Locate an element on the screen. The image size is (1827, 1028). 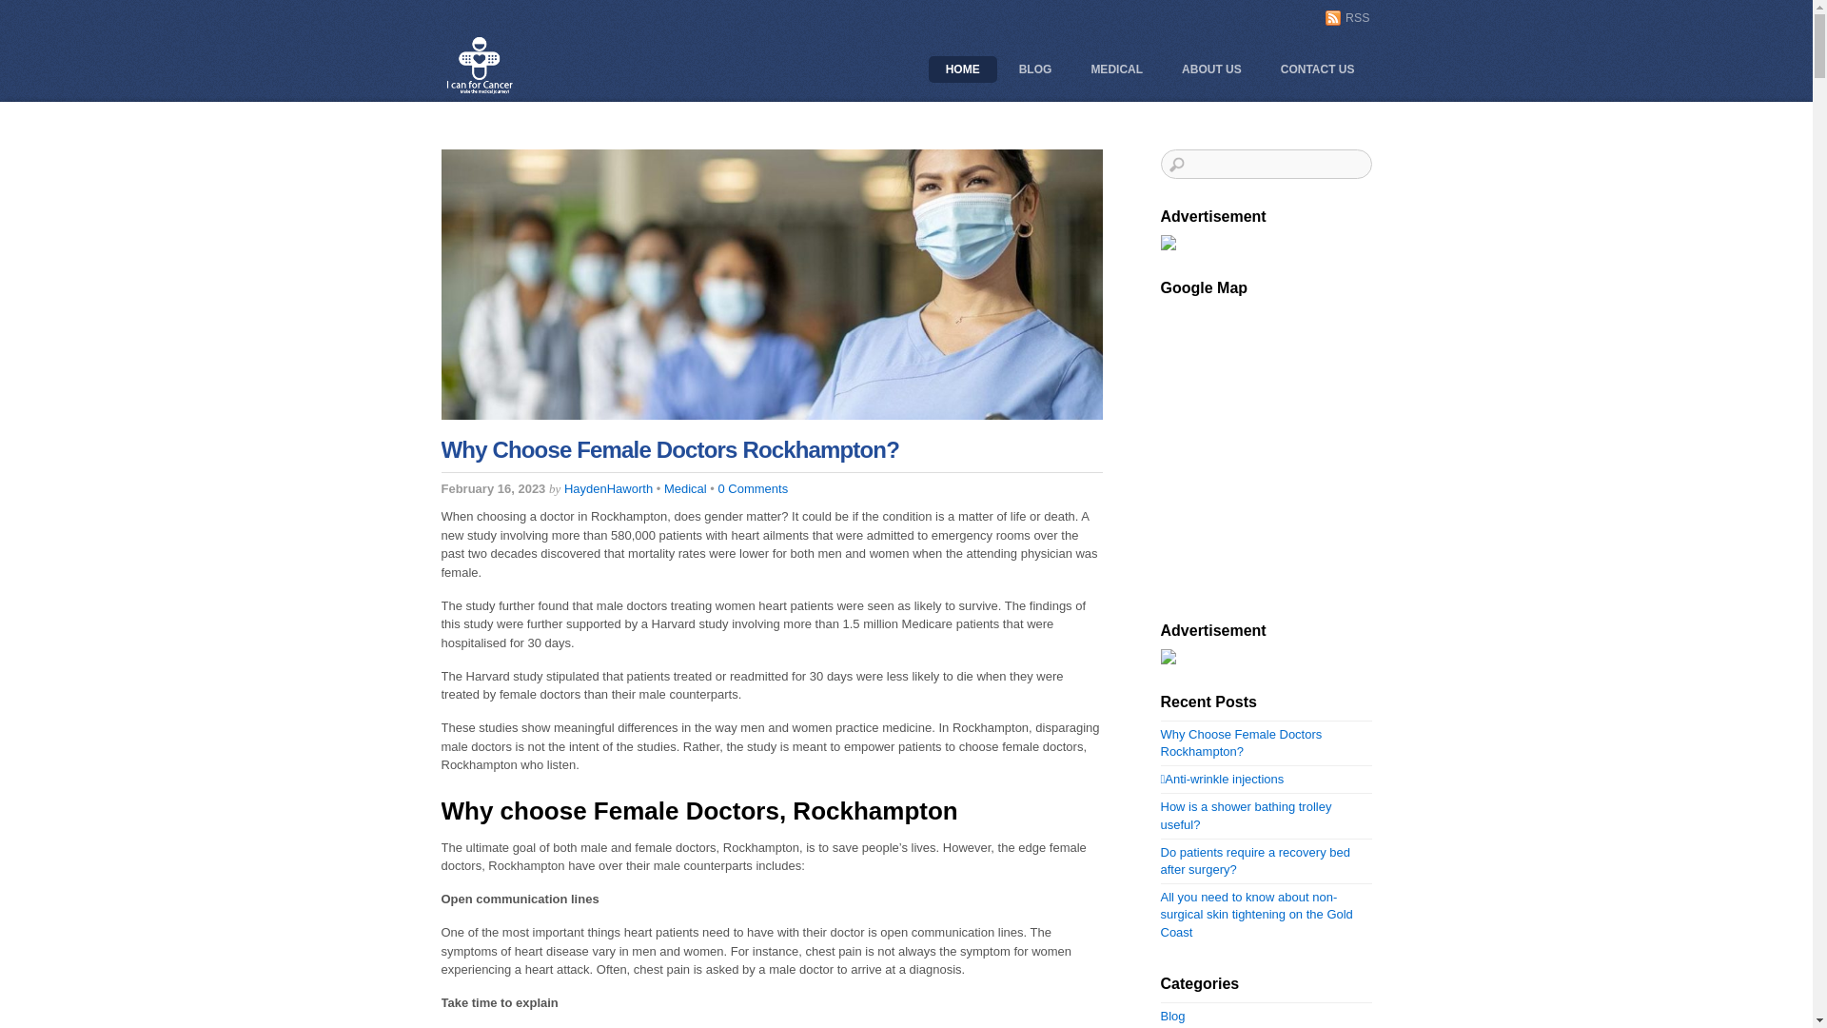
'CONTACT US' is located at coordinates (1317, 69).